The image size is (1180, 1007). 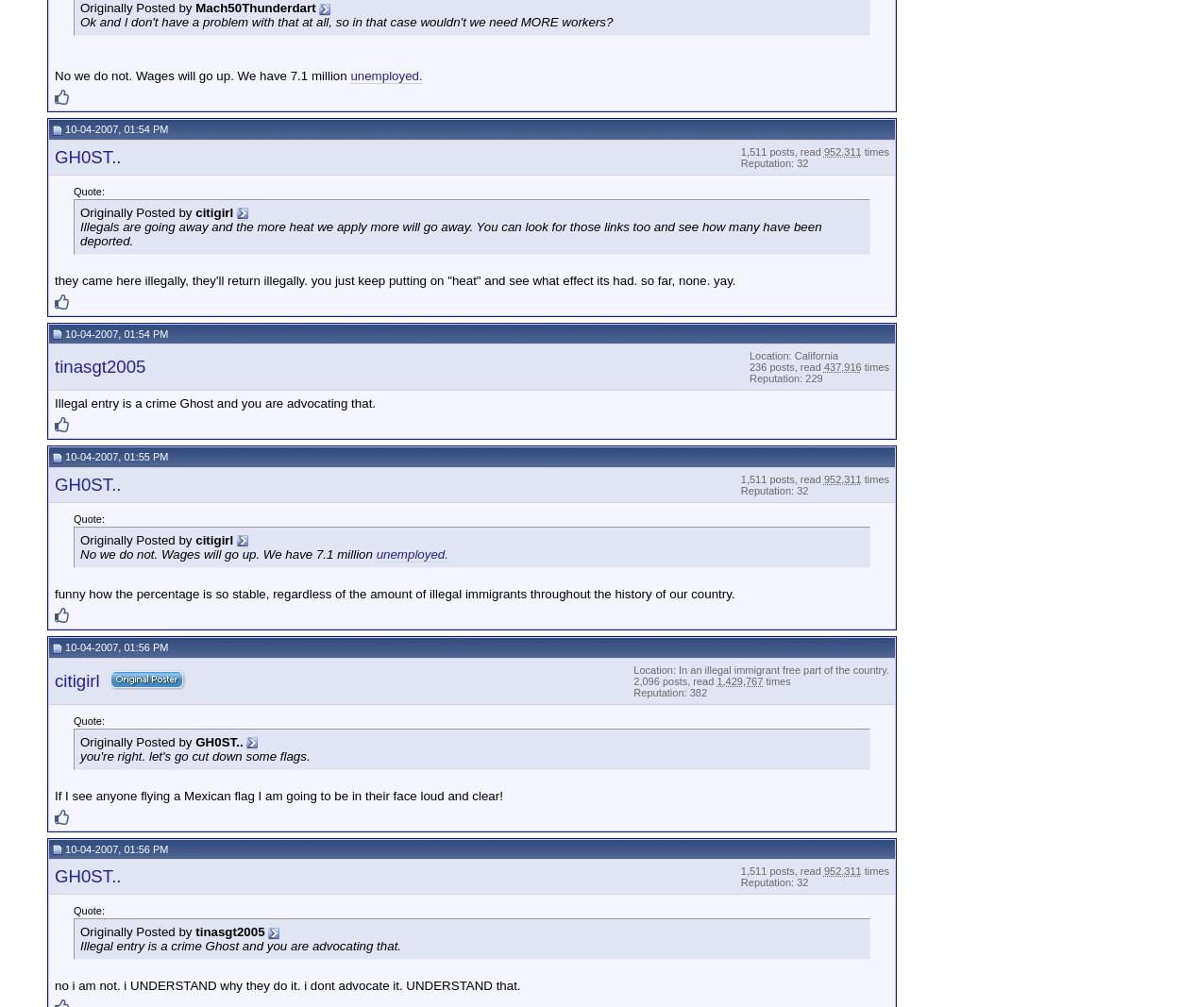 What do you see at coordinates (278, 794) in the screenshot?
I see `'If I see anyone flying a Mexican flag I am going to be in their face loud and clear!'` at bounding box center [278, 794].